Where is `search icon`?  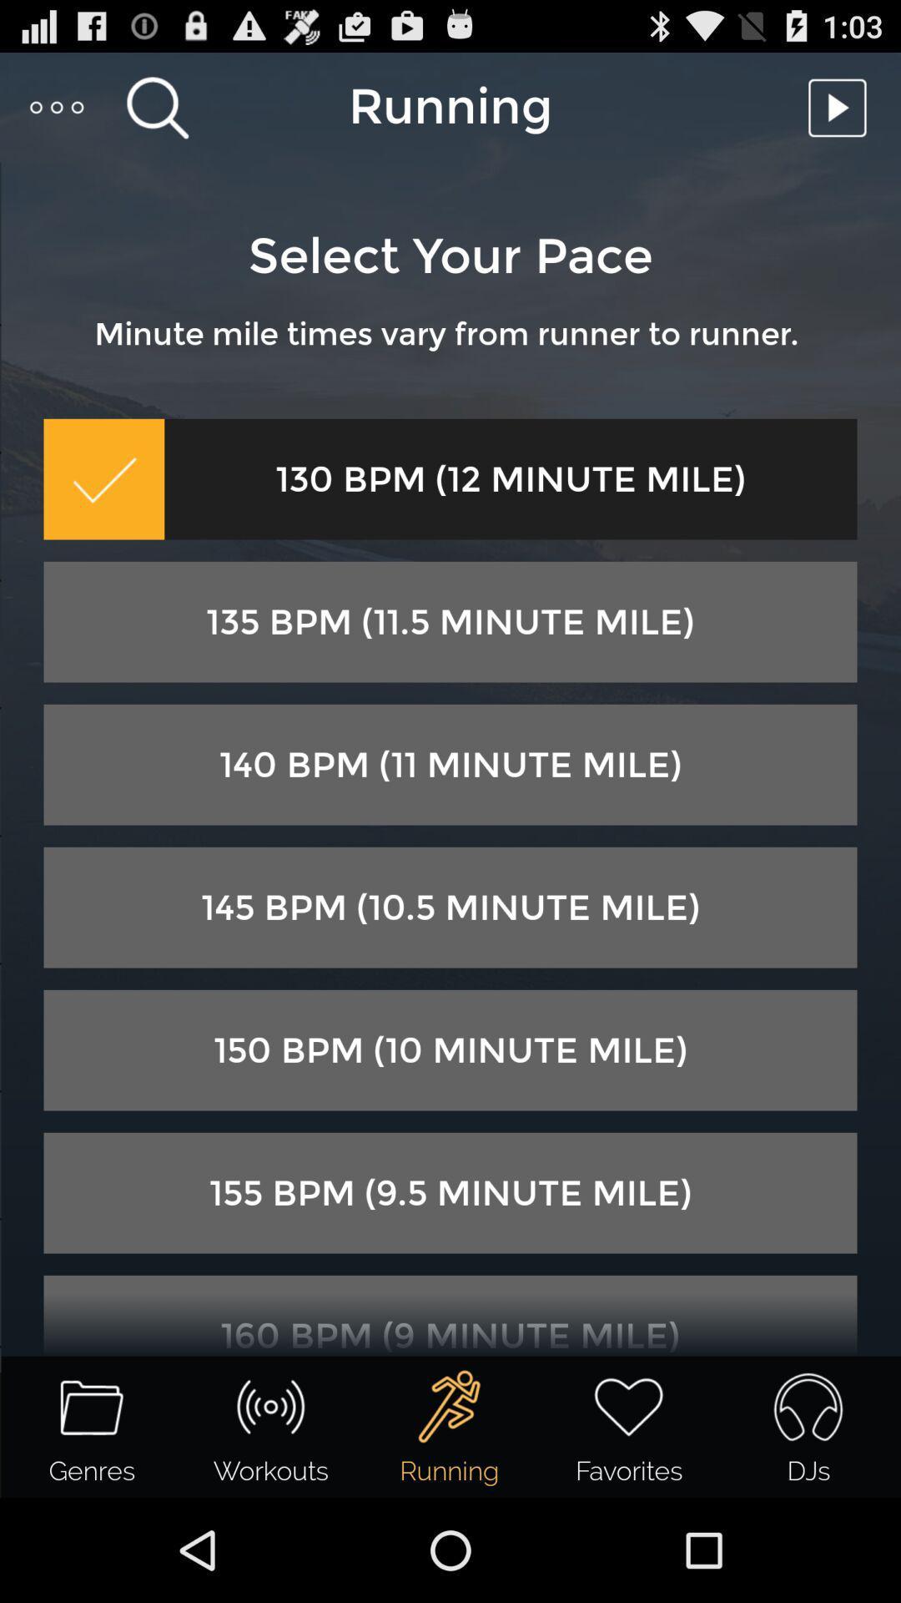 search icon is located at coordinates (157, 106).